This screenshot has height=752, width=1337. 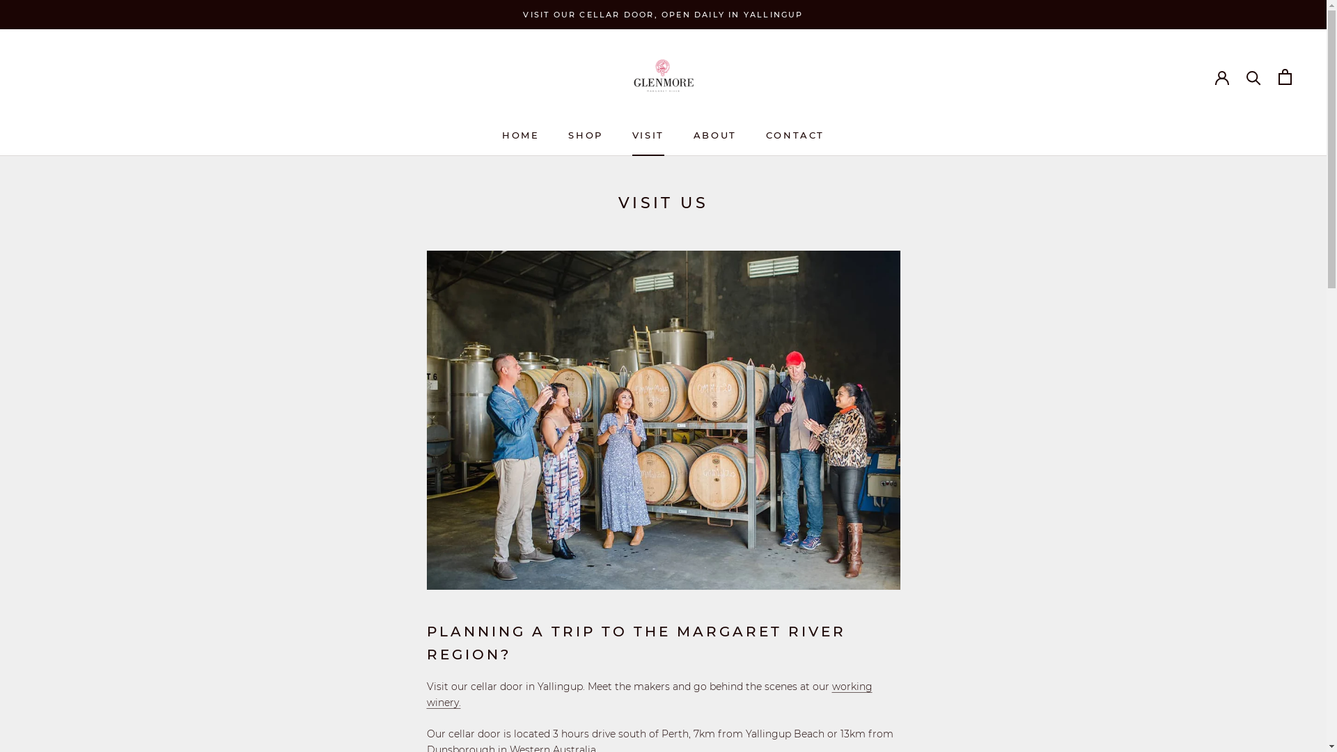 I want to click on 'HOME, so click(x=519, y=134).